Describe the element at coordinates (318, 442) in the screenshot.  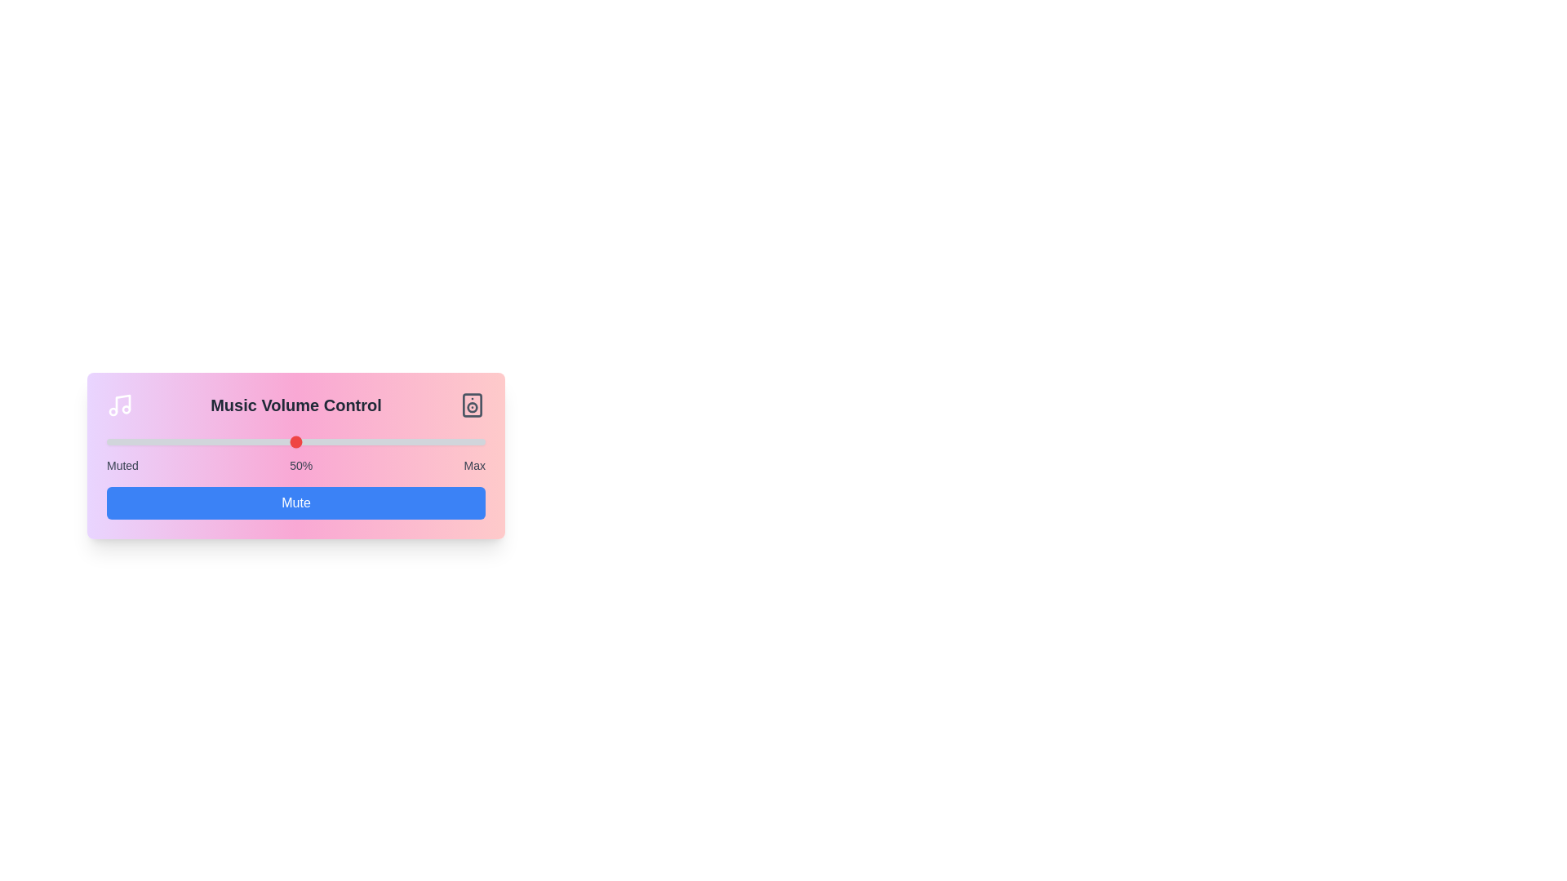
I see `the volume slider to 56%` at that location.